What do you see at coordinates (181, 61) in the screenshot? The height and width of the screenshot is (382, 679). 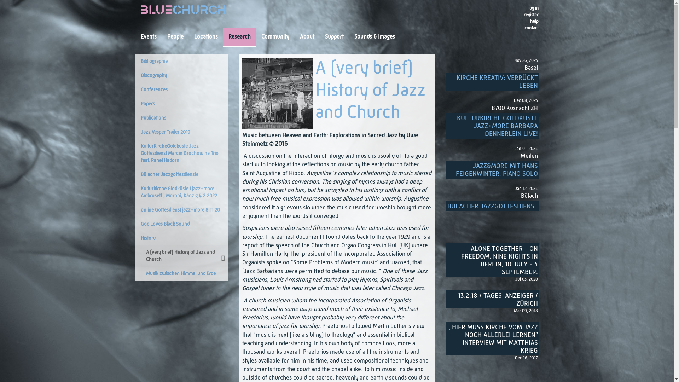 I see `'Bibliographie'` at bounding box center [181, 61].